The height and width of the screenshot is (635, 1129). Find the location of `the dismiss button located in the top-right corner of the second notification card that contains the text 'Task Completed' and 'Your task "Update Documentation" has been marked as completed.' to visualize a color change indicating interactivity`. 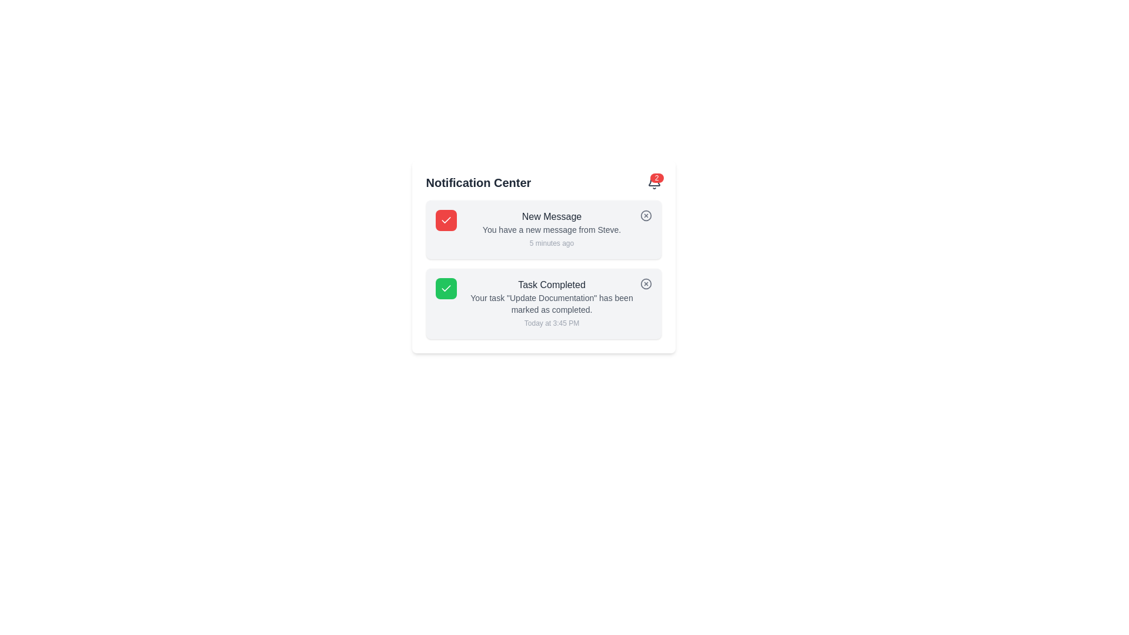

the dismiss button located in the top-right corner of the second notification card that contains the text 'Task Completed' and 'Your task "Update Documentation" has been marked as completed.' to visualize a color change indicating interactivity is located at coordinates (645, 283).